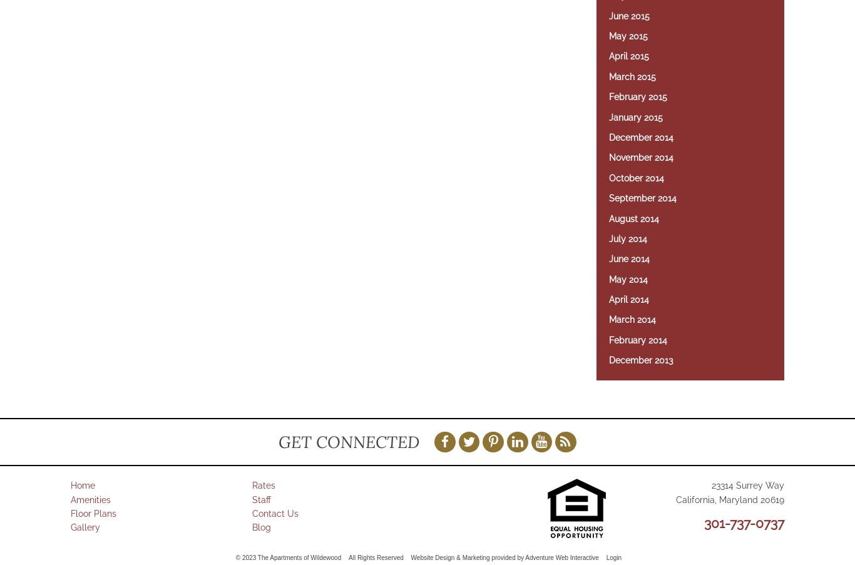 The height and width of the screenshot is (565, 855). What do you see at coordinates (641, 158) in the screenshot?
I see `'November 2014'` at bounding box center [641, 158].